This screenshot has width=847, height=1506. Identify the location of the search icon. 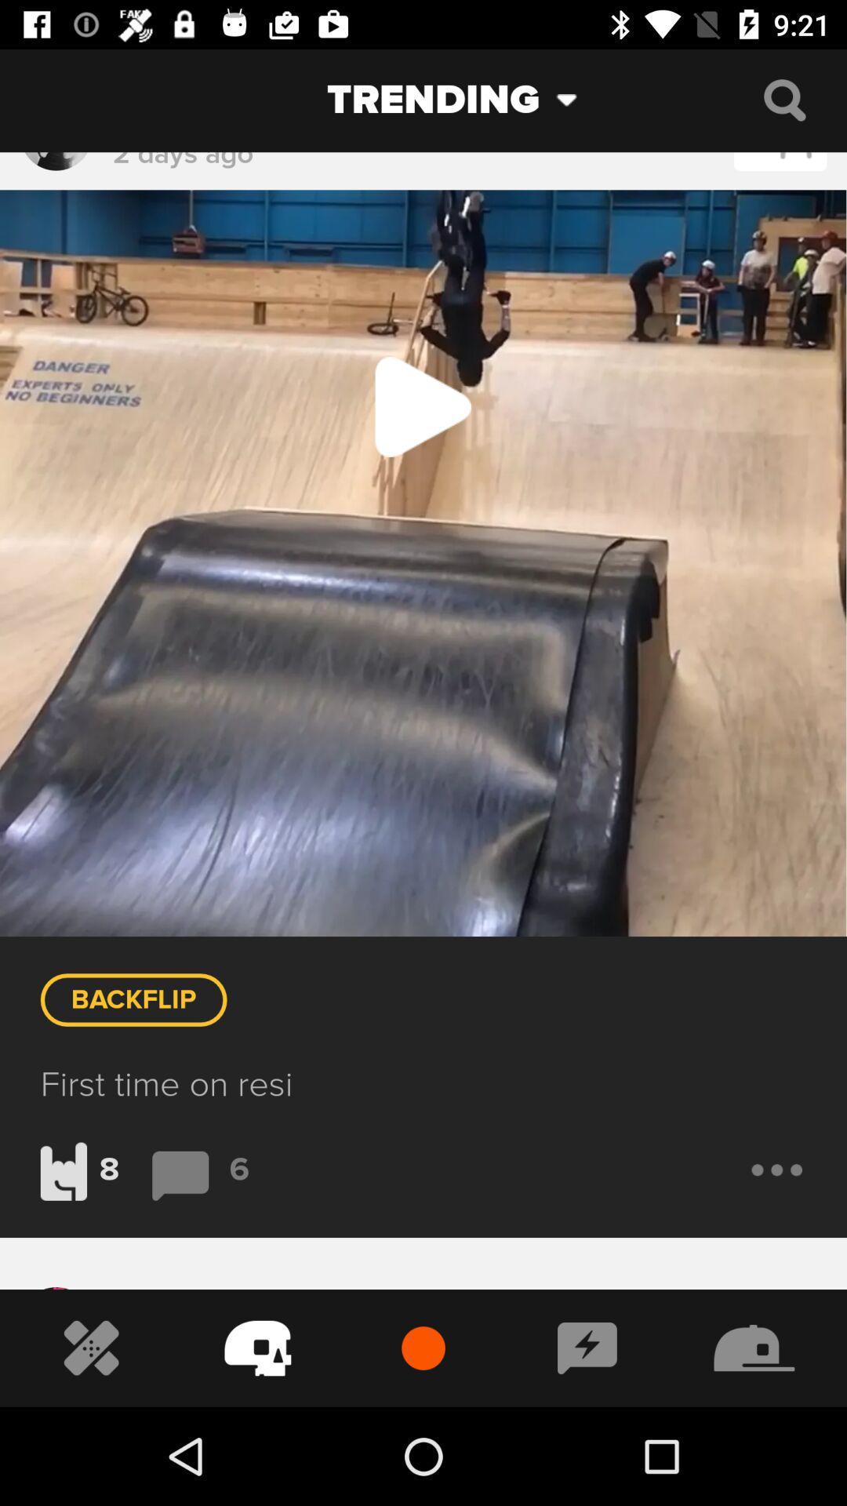
(784, 99).